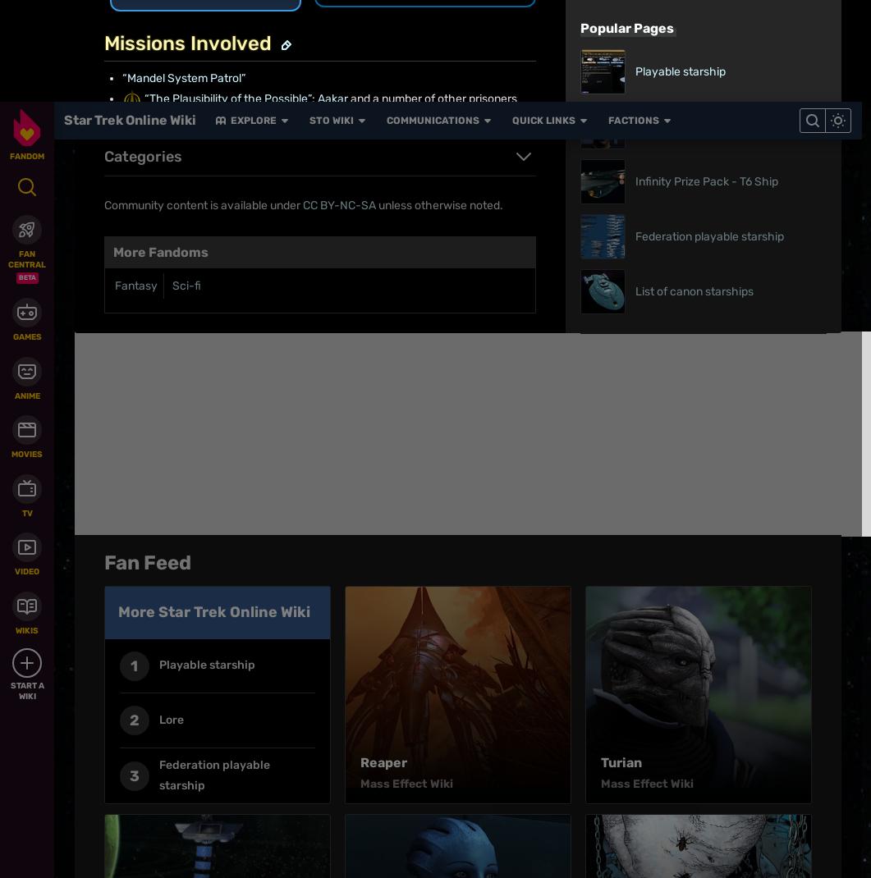 The height and width of the screenshot is (878, 871). Describe the element at coordinates (465, 594) in the screenshot. I see `'Advertise'` at that location.